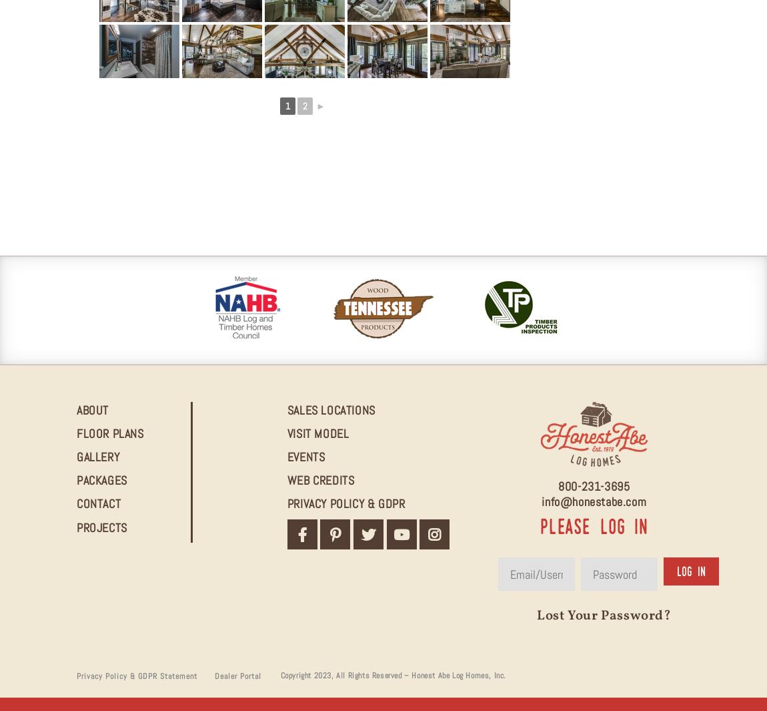 This screenshot has width=767, height=711. I want to click on 'Visit Model', so click(317, 433).